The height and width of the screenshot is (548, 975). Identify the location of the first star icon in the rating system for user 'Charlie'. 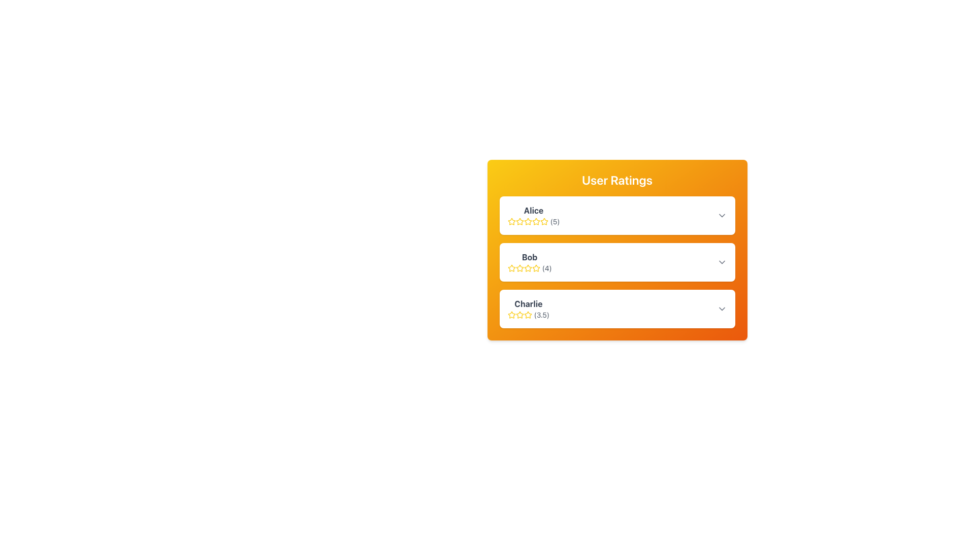
(511, 315).